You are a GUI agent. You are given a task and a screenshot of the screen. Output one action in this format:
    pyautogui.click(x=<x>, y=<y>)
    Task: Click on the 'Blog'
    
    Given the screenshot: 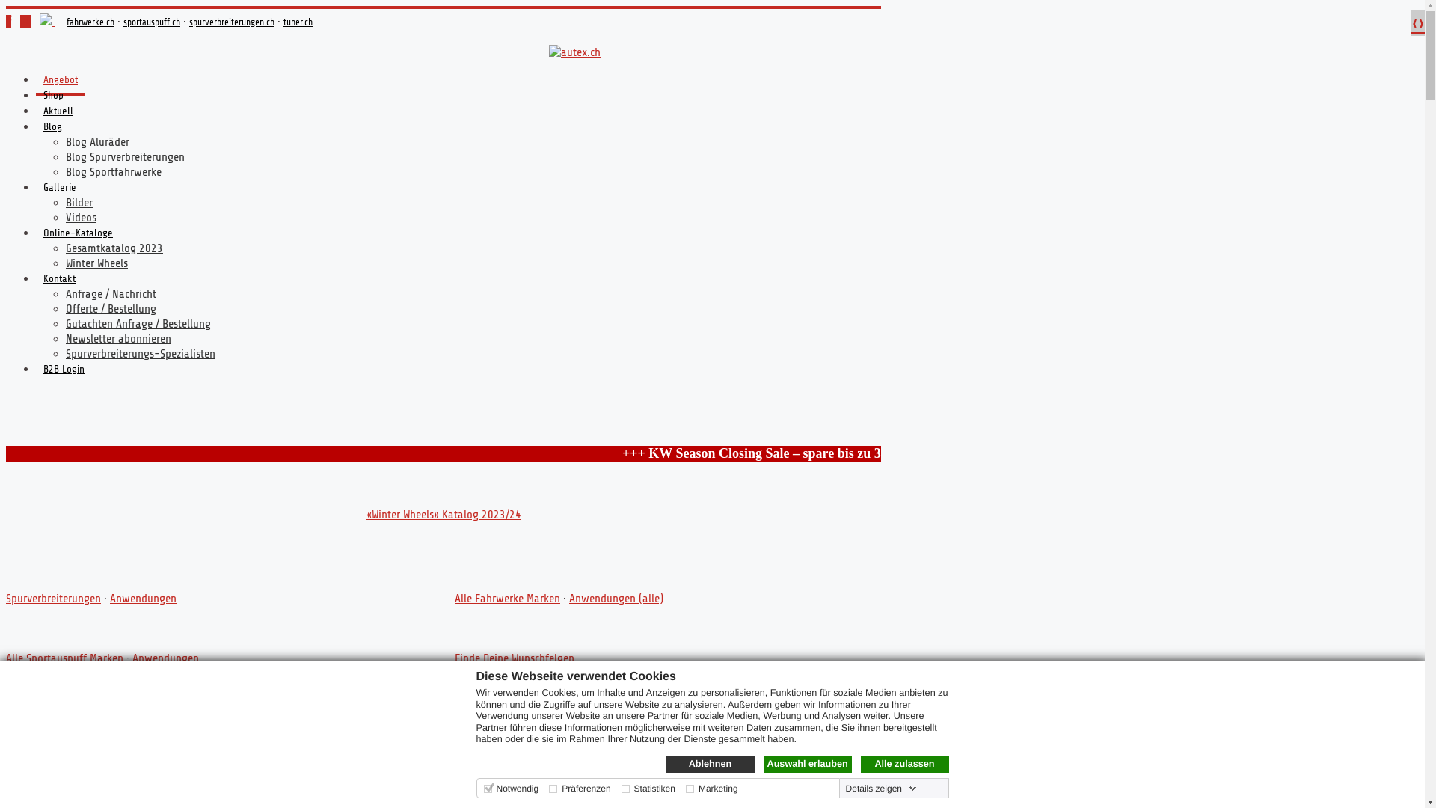 What is the action you would take?
    pyautogui.click(x=52, y=129)
    